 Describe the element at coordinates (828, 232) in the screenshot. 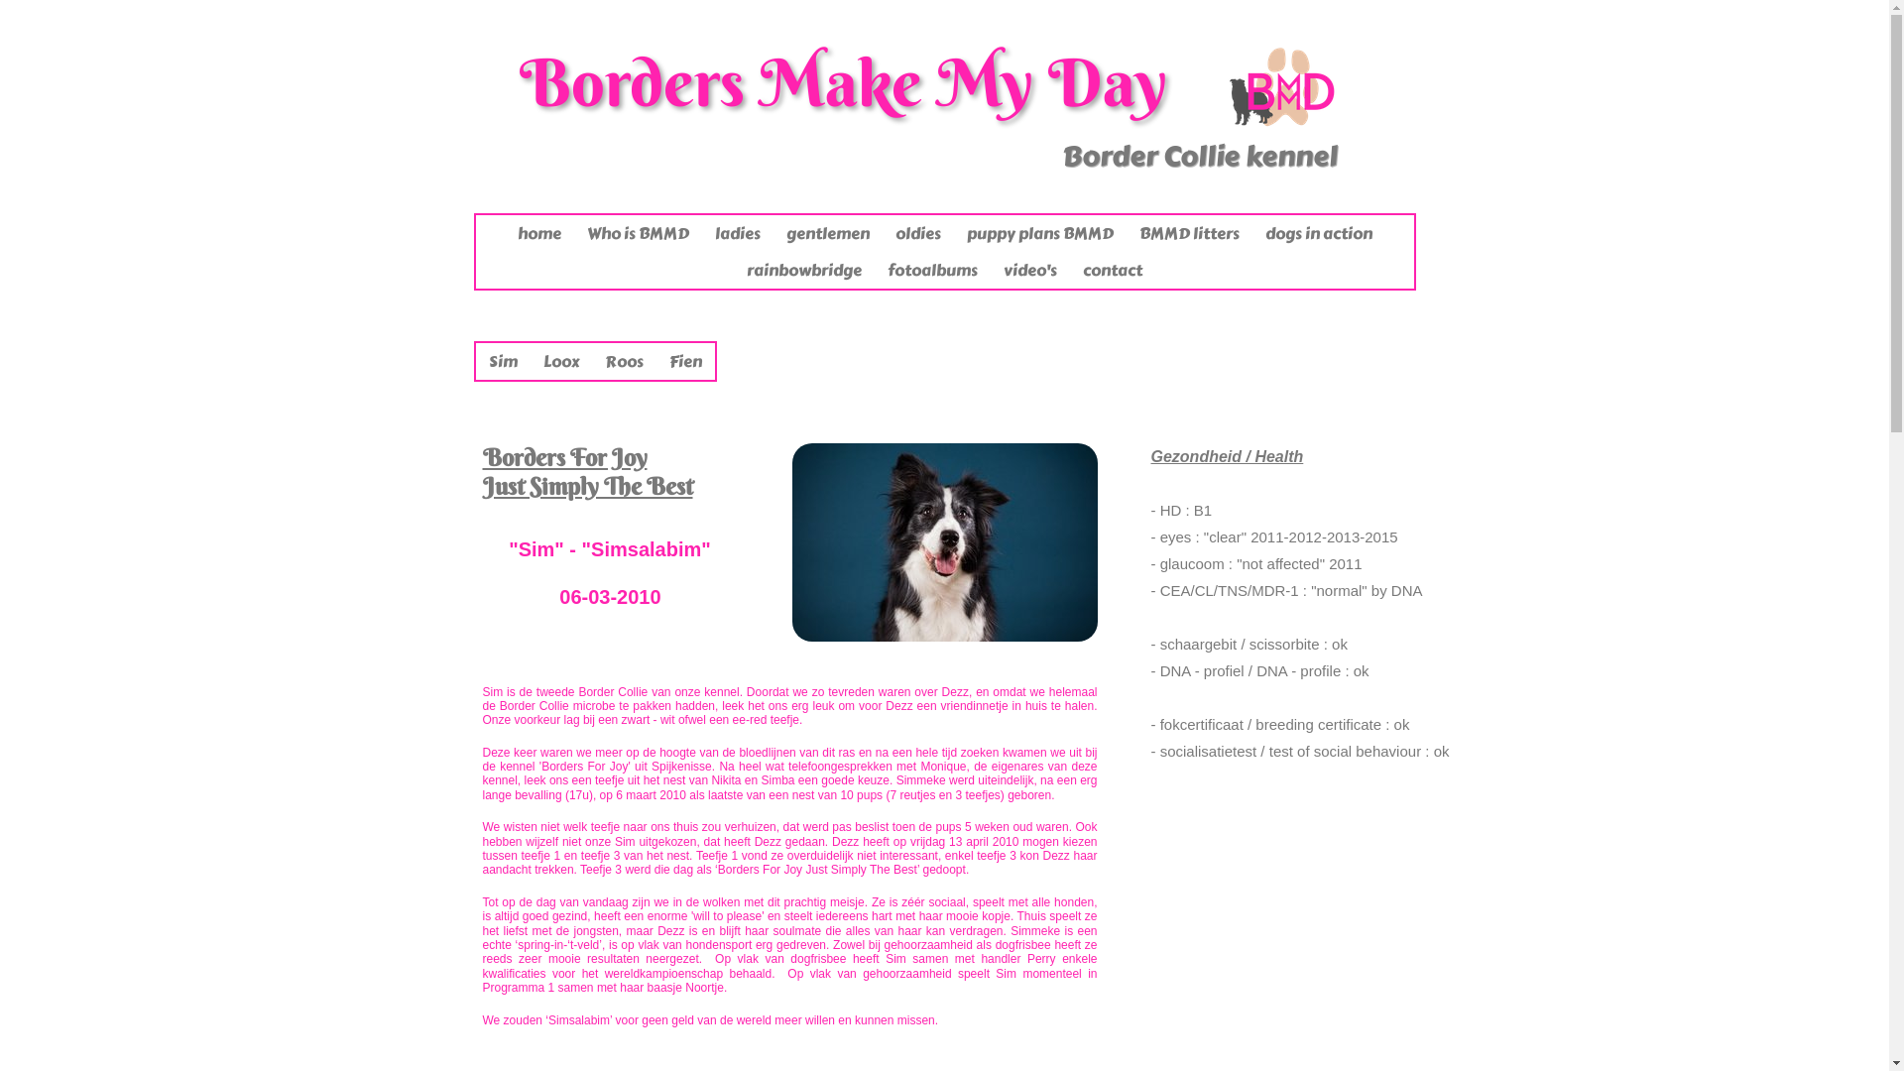

I see `'gentlemen'` at that location.